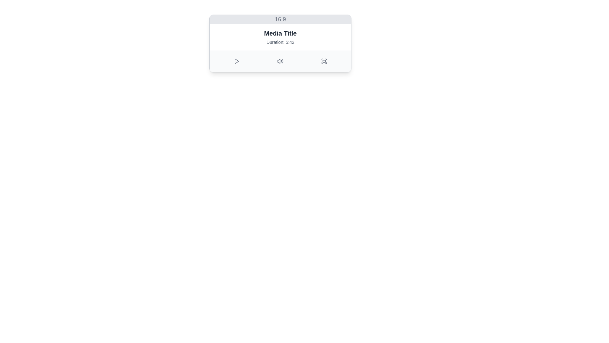 This screenshot has width=609, height=343. Describe the element at coordinates (280, 19) in the screenshot. I see `the text label displaying '16:9' in light gray background at the top of the media card` at that location.